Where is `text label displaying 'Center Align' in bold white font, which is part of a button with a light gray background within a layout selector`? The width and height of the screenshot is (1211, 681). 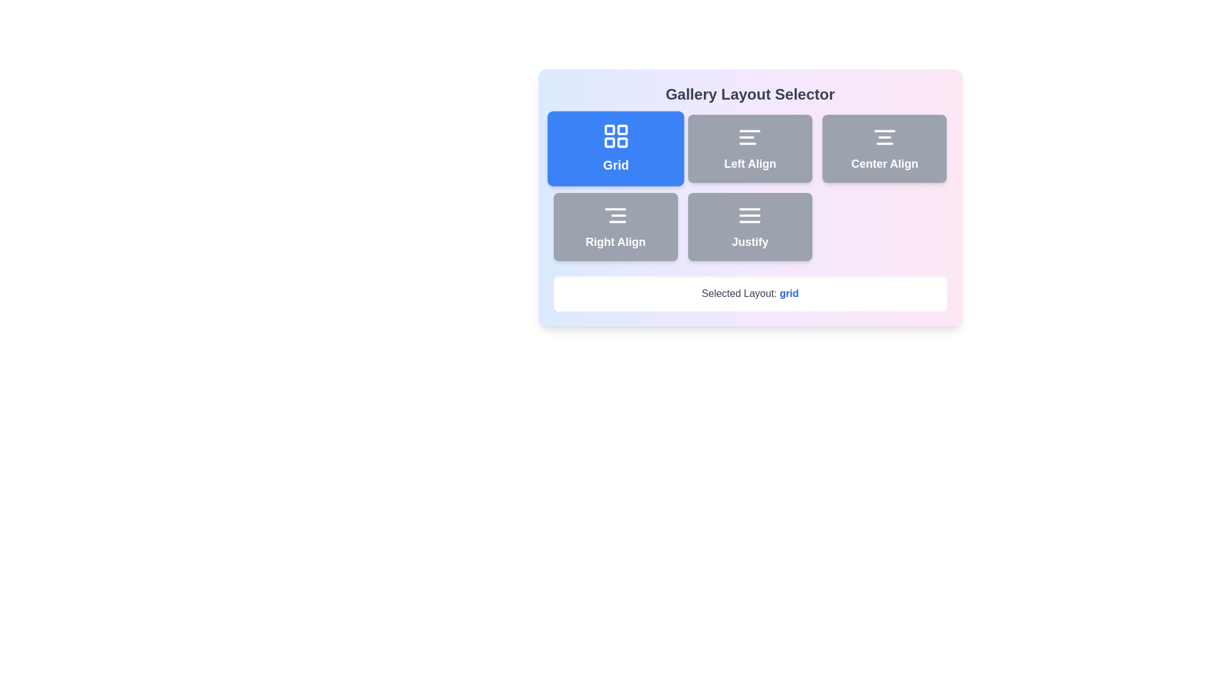
text label displaying 'Center Align' in bold white font, which is part of a button with a light gray background within a layout selector is located at coordinates (884, 163).